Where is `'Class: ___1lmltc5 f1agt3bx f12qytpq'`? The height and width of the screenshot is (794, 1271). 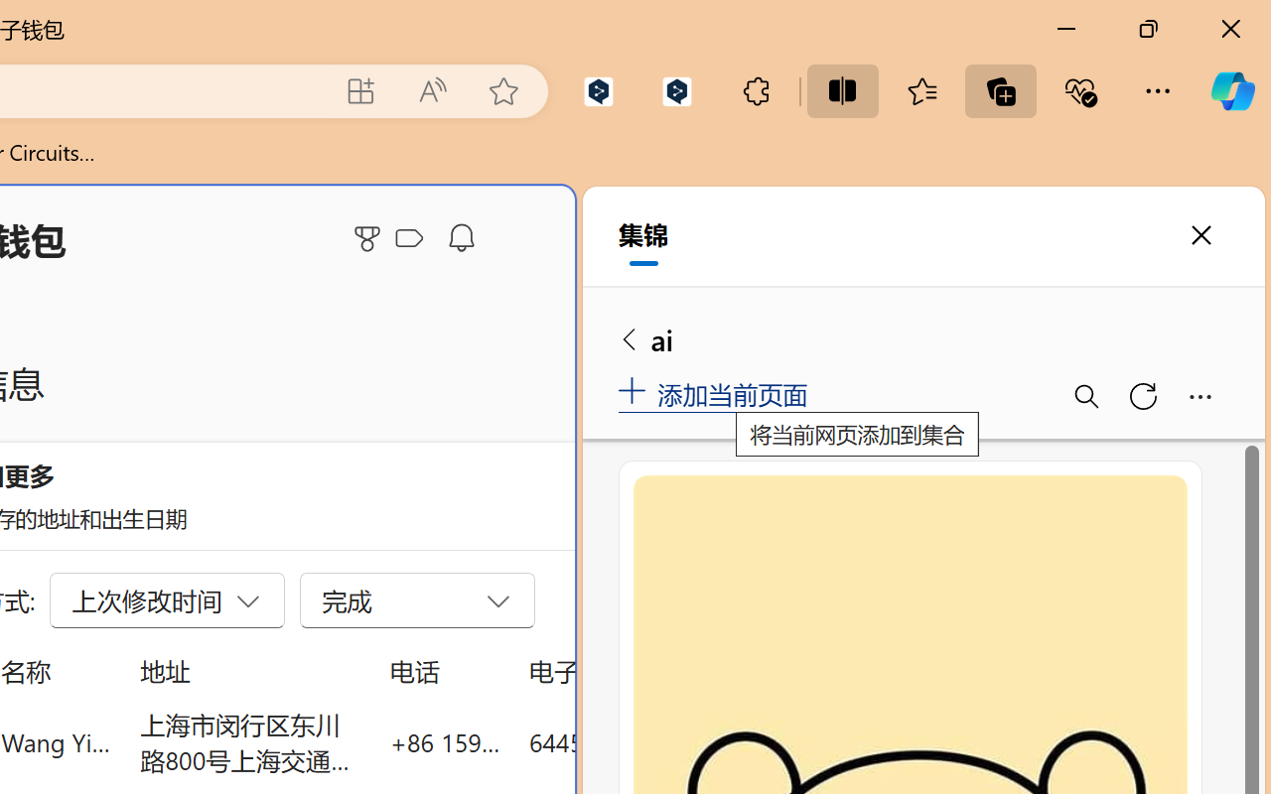 'Class: ___1lmltc5 f1agt3bx f12qytpq' is located at coordinates (408, 238).